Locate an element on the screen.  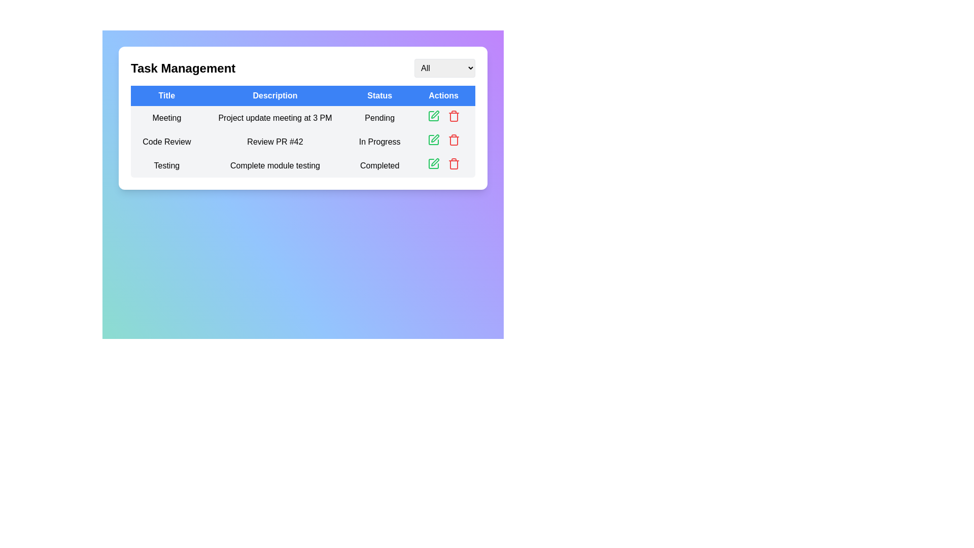
the 'Status' text label, which has a blue background and white text, positioned as the third element in a sequence of four horizontally aligned labels is located at coordinates (379, 96).